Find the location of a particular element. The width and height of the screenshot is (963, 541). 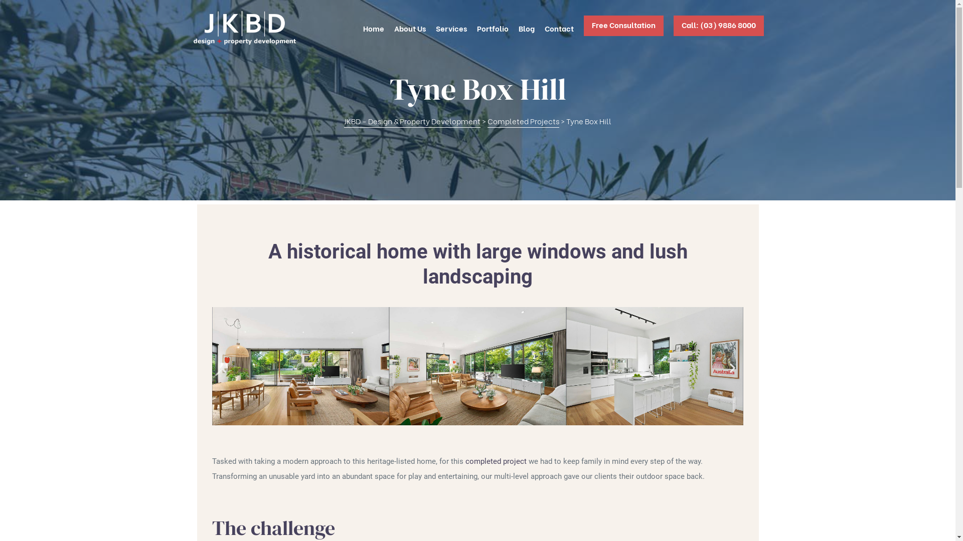

'Contact' is located at coordinates (558, 28).